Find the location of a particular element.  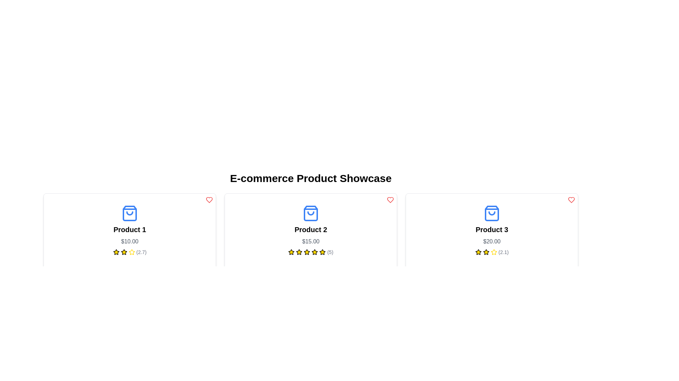

the heart icon located at the top-right corner of the 'Product 3' card is located at coordinates (571, 200).